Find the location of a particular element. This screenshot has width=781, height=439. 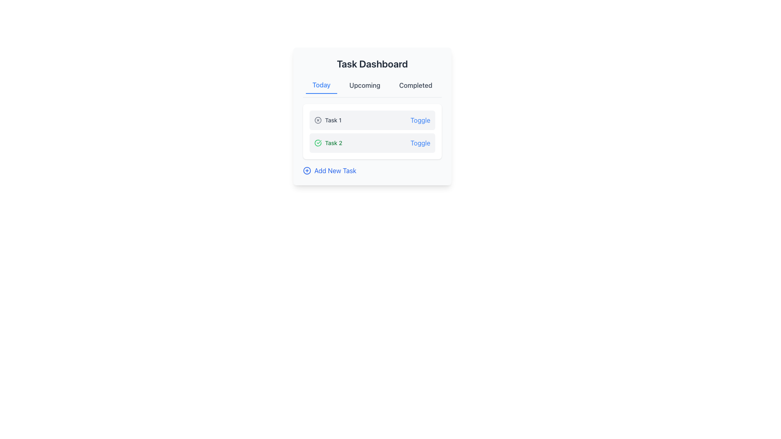

the heading element labeled 'Task Dashboard', which is styled in a large, bold font and is centered at the top of a card layout is located at coordinates (372, 63).